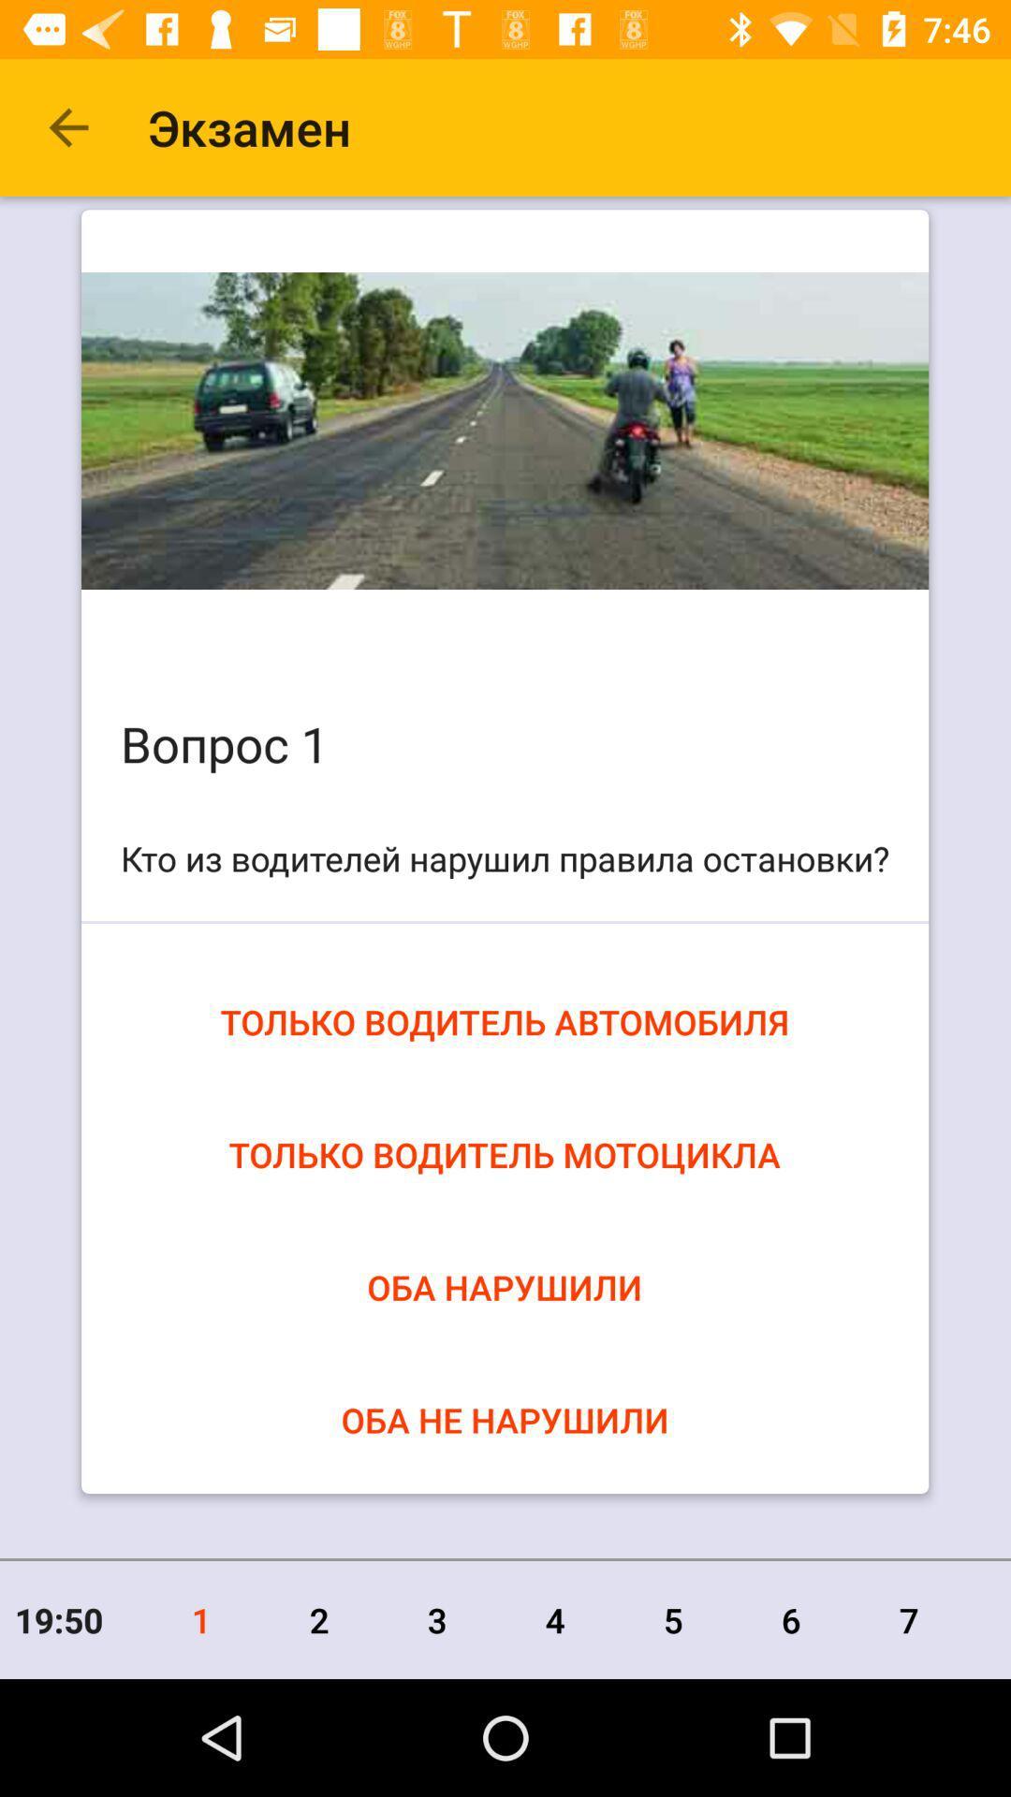 Image resolution: width=1011 pixels, height=1797 pixels. I want to click on 3 icon, so click(437, 1619).